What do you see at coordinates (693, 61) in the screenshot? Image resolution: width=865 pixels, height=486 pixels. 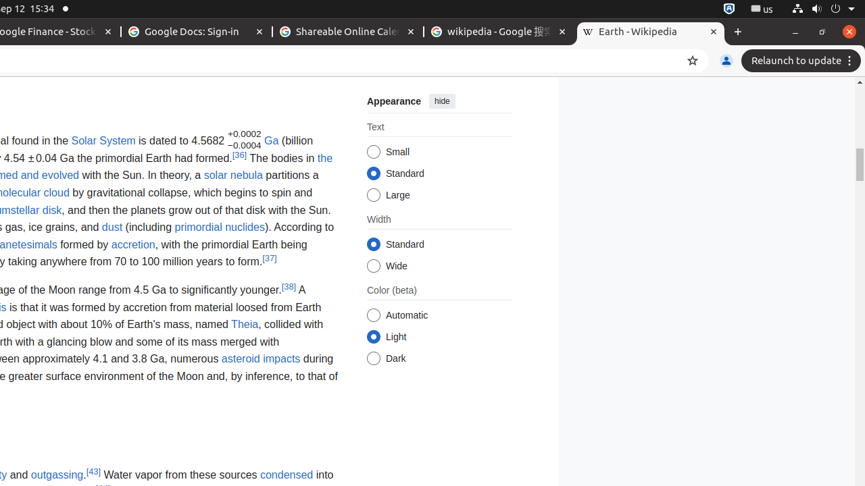 I see `'Bookmark this tab'` at bounding box center [693, 61].